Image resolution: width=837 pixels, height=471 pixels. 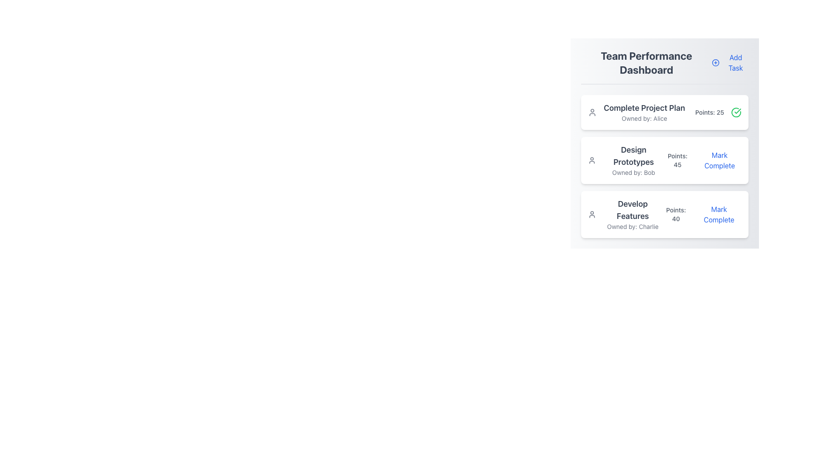 I want to click on the user icon that visually represents the owner associated with the 'Complete Project Plan' entry, located to the left of the text, so click(x=592, y=112).